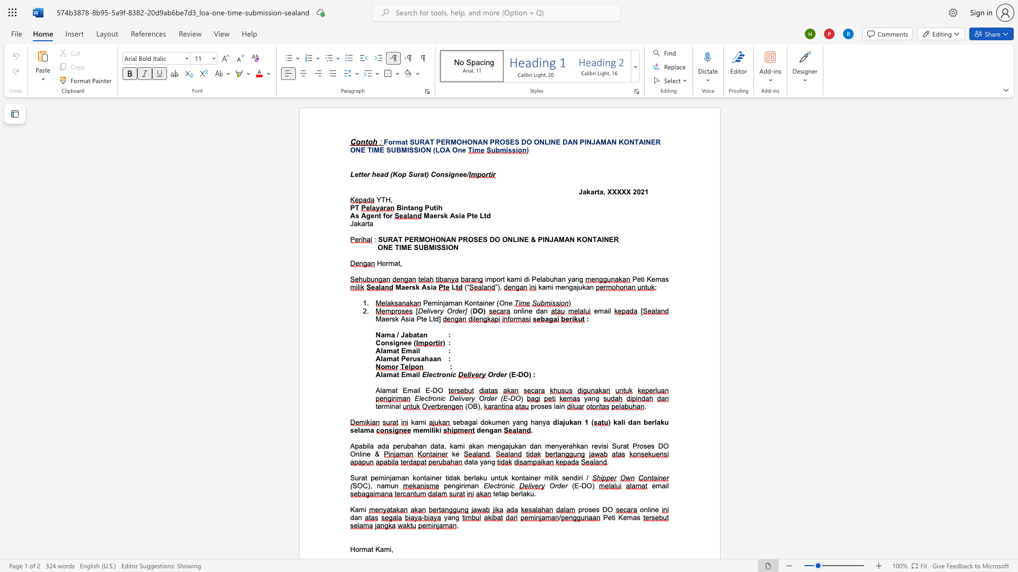 The height and width of the screenshot is (572, 1018). I want to click on the subset text "e (" within the text "Consignee (", so click(407, 343).